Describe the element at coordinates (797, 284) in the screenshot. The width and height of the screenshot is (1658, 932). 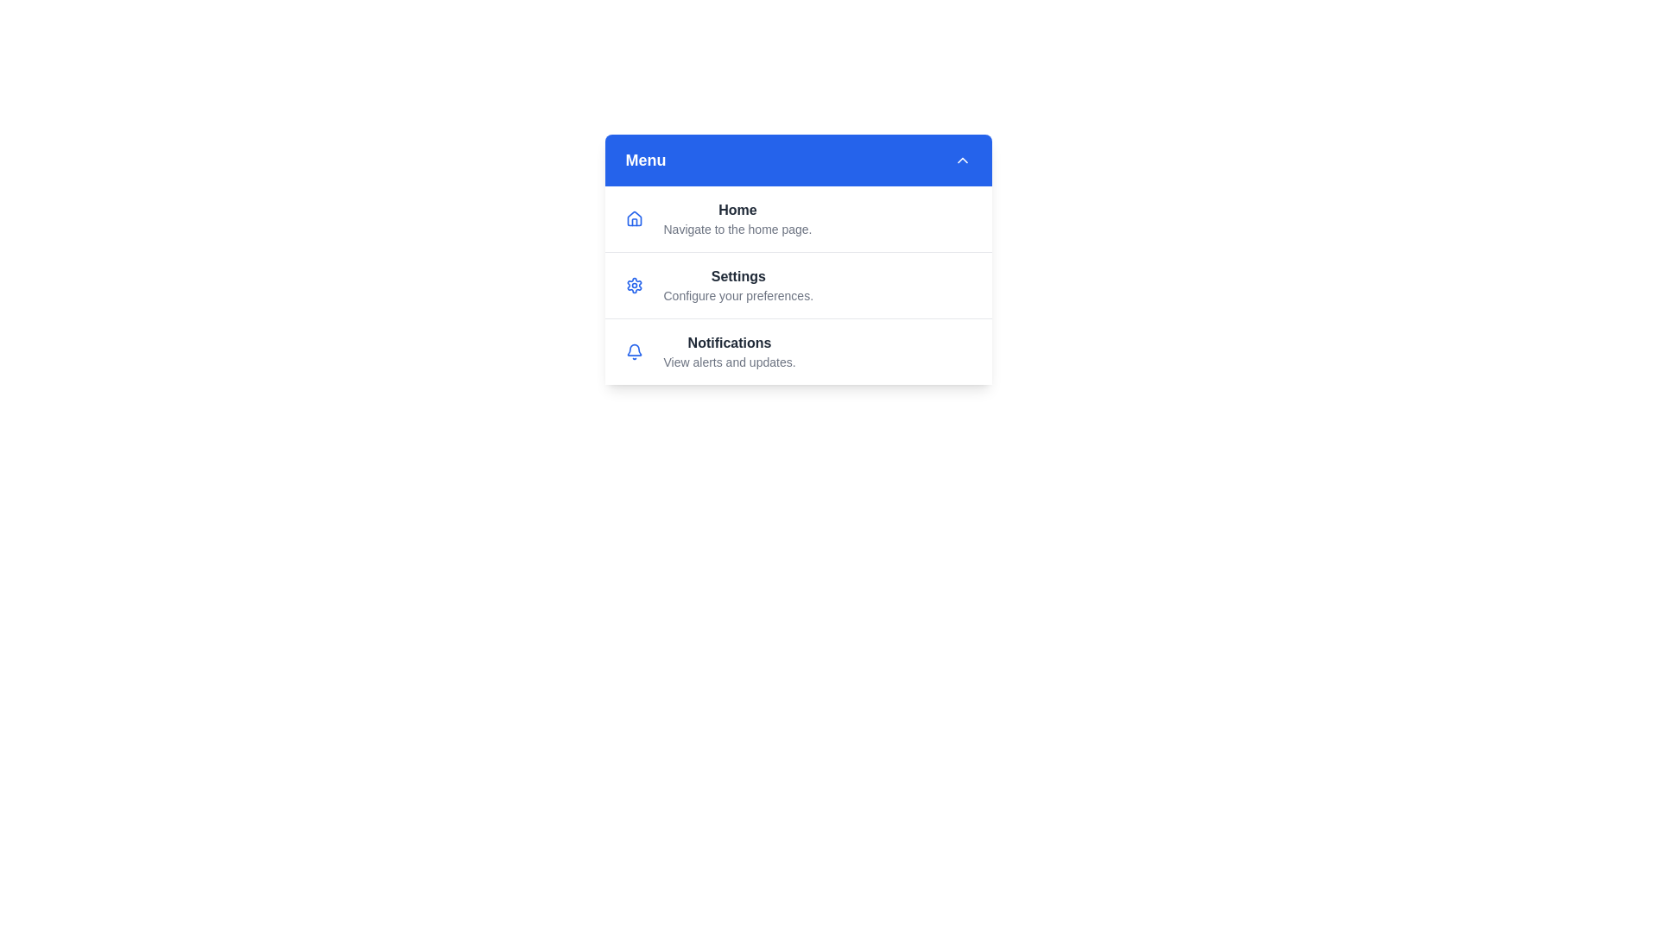
I see `the menu item Settings from the visible menu options` at that location.